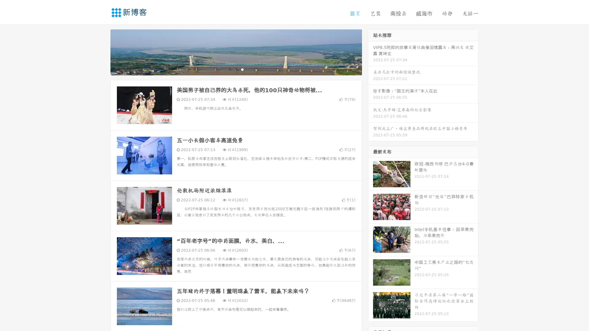 The height and width of the screenshot is (331, 589). What do you see at coordinates (371, 51) in the screenshot?
I see `Next slide` at bounding box center [371, 51].